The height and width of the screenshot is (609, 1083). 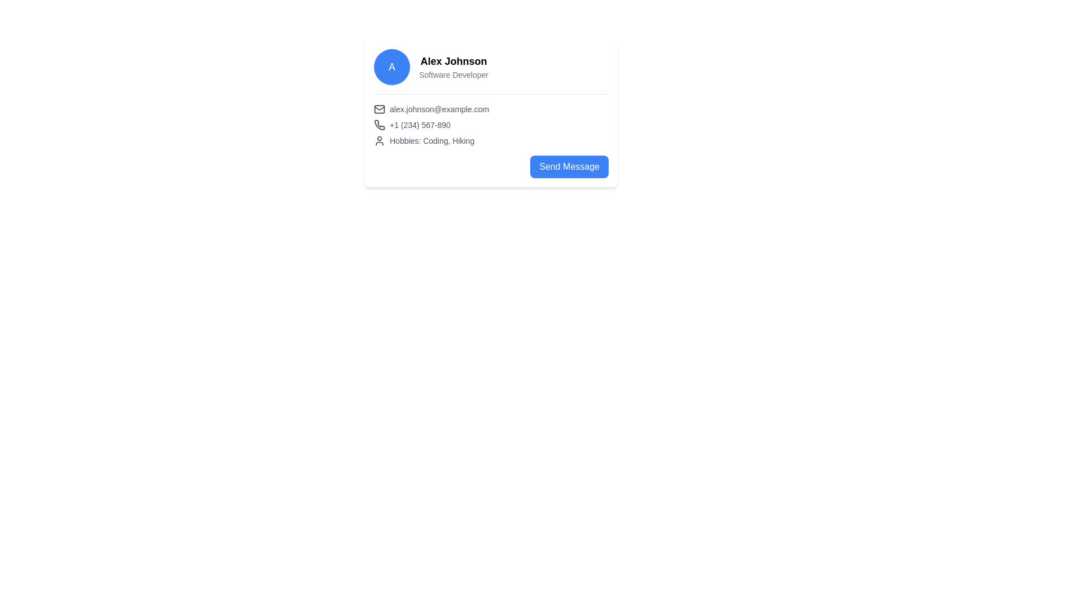 What do you see at coordinates (419, 125) in the screenshot?
I see `the static text element displaying the phone number, which is styled in gray font and aligned to the left, located between the email address and hobbies text` at bounding box center [419, 125].